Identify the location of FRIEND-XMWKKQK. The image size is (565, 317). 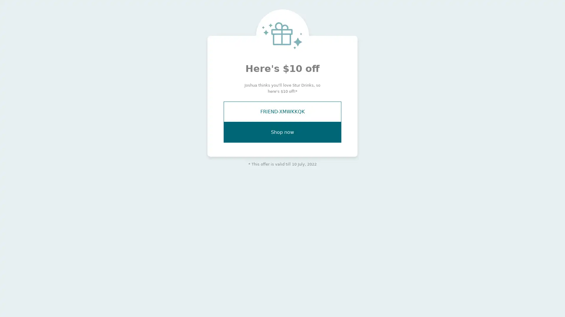
(282, 112).